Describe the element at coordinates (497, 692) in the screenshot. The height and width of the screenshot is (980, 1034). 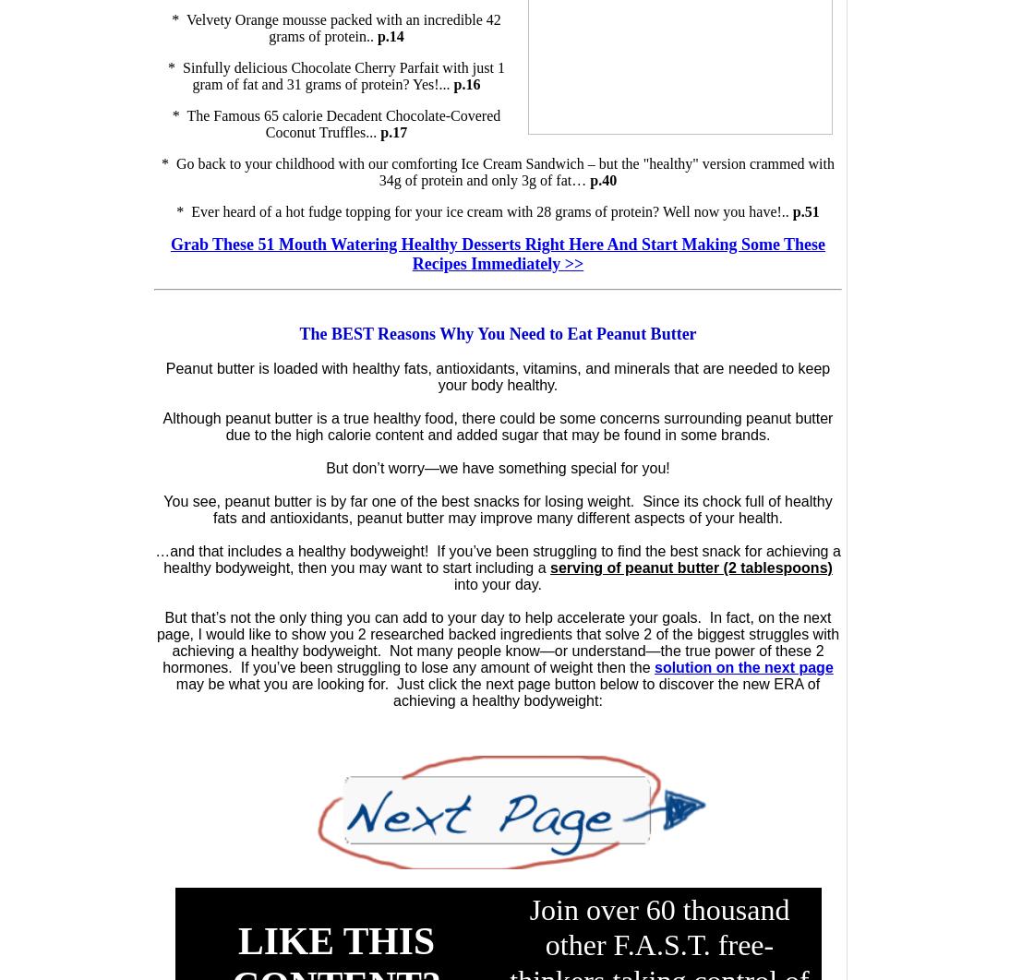
I see `'may be what you are looking for.  Just click the next page button below to discover the new ERA of achieving a healthy bodyweight:'` at that location.